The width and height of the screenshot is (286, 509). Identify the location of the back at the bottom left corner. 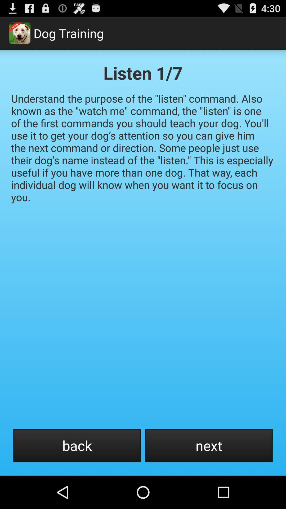
(77, 445).